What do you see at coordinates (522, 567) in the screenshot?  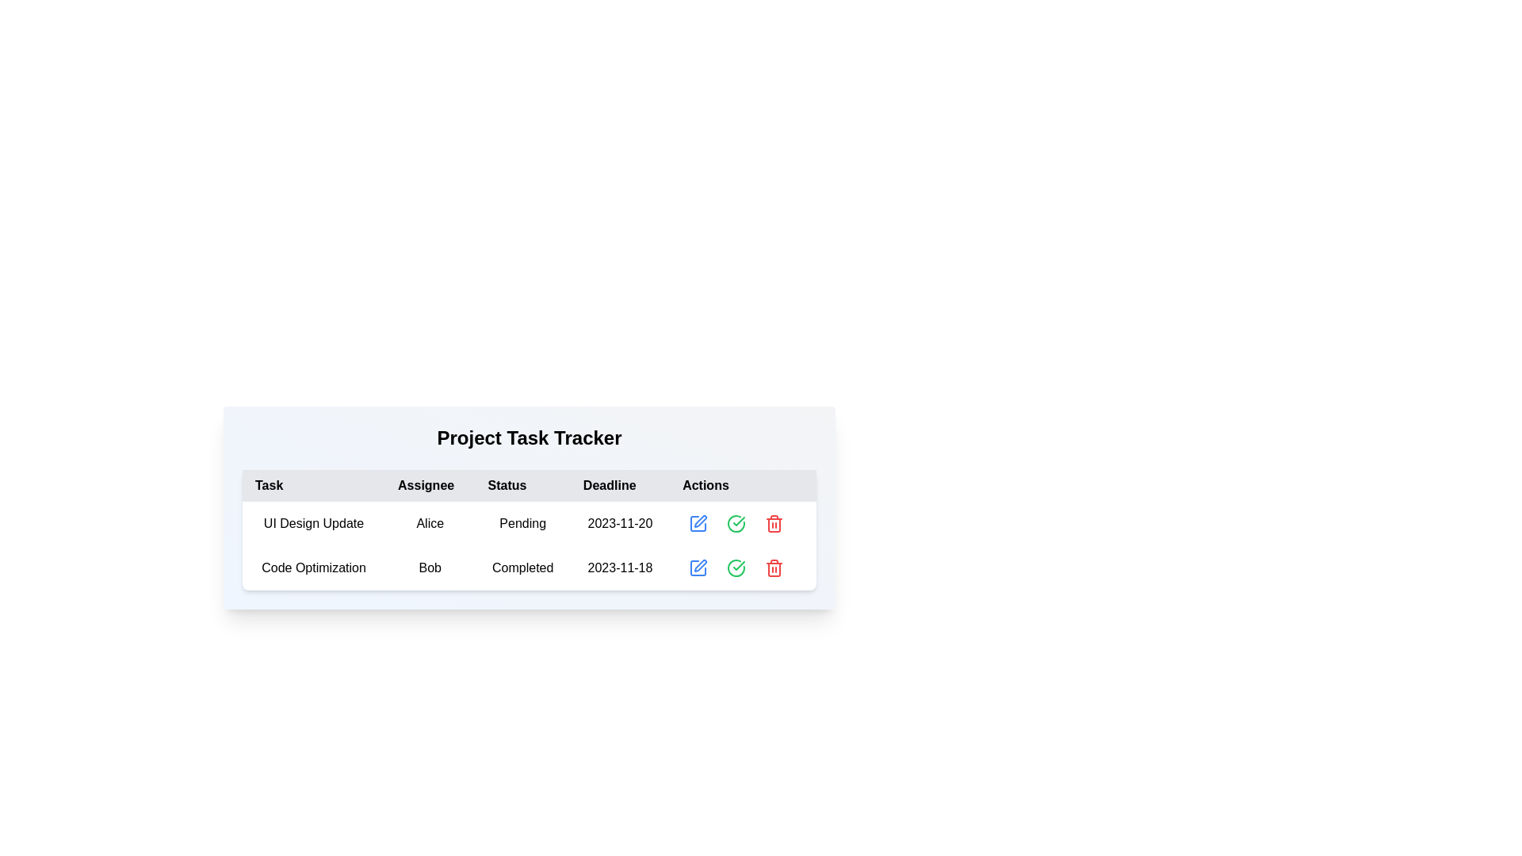 I see `the Text label indicating the status of the task 'Code Optimization', which shows it as 'Completed'. This label is located in the table under the heading 'Status', specifically in the third cell of the row for the task 'Code Optimization'` at bounding box center [522, 567].